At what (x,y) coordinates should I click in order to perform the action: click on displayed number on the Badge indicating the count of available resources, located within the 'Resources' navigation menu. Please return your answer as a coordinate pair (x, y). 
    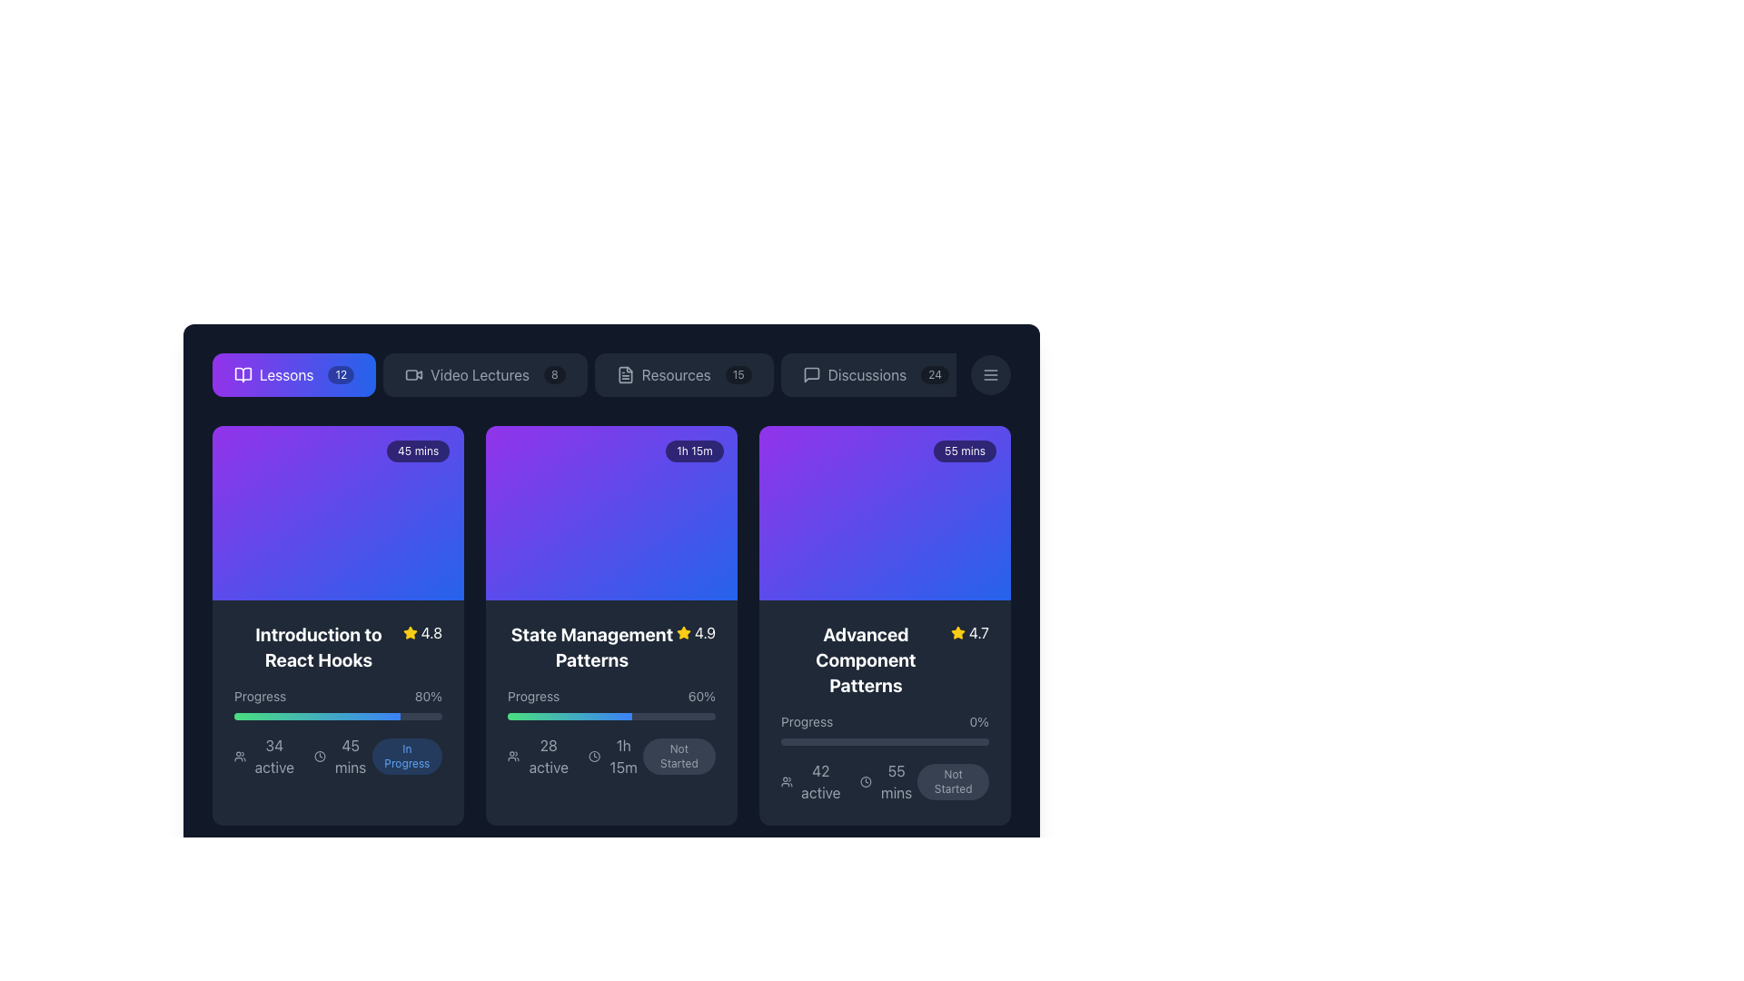
    Looking at the image, I should click on (738, 373).